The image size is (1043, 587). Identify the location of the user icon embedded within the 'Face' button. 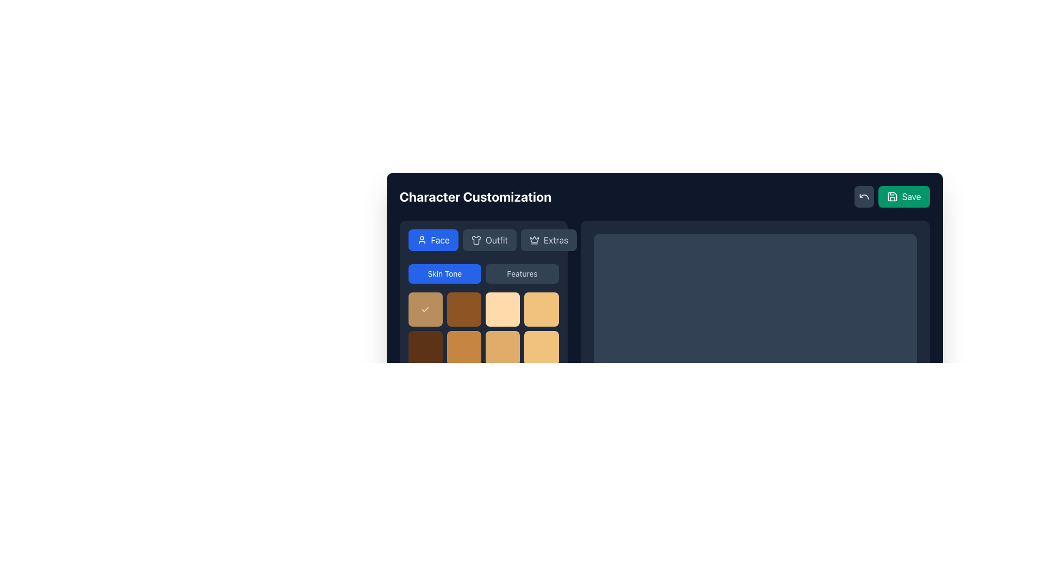
(421, 240).